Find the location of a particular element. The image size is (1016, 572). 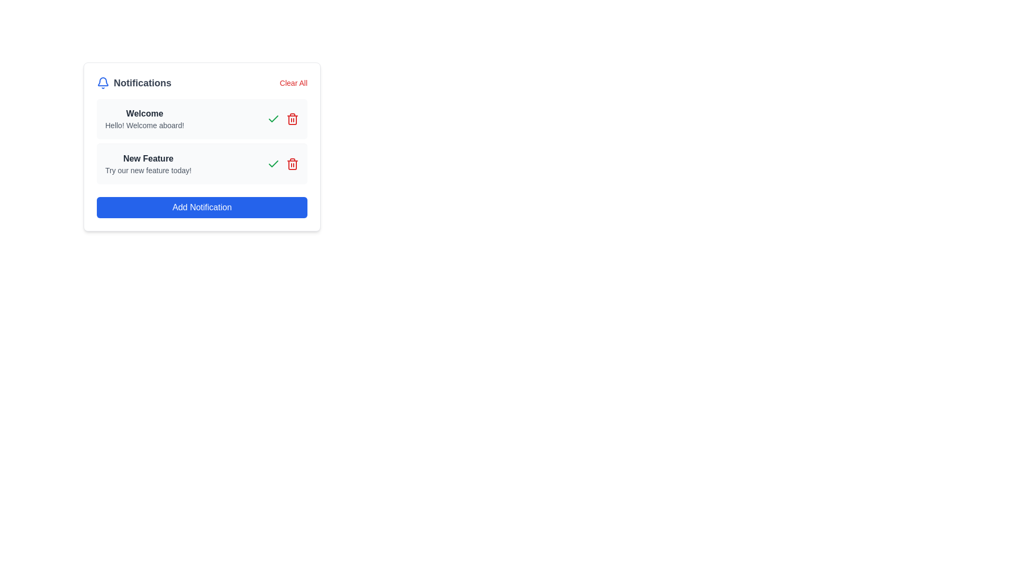

the 'Clear Notifications' link in the top right of the header section is located at coordinates (293, 83).